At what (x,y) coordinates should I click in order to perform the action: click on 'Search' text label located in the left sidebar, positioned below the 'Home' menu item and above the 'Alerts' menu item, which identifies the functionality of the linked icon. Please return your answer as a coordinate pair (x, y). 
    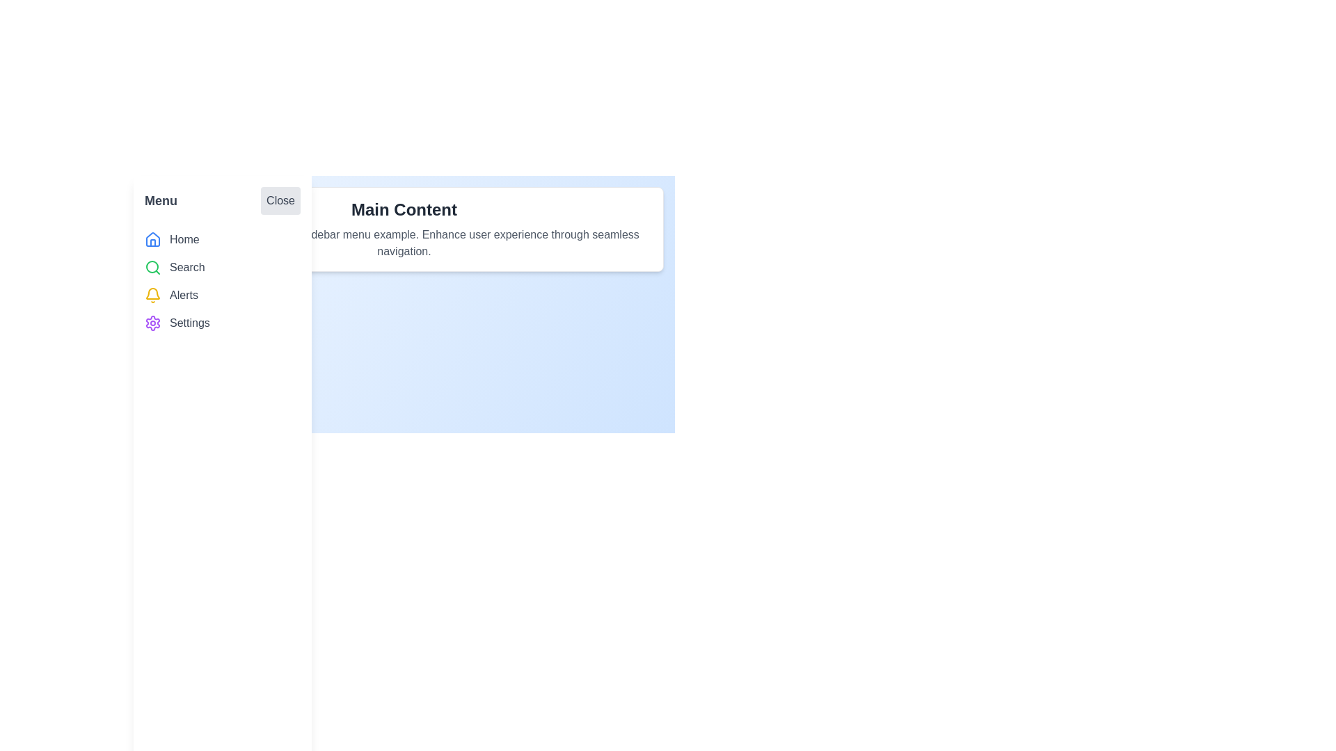
    Looking at the image, I should click on (186, 268).